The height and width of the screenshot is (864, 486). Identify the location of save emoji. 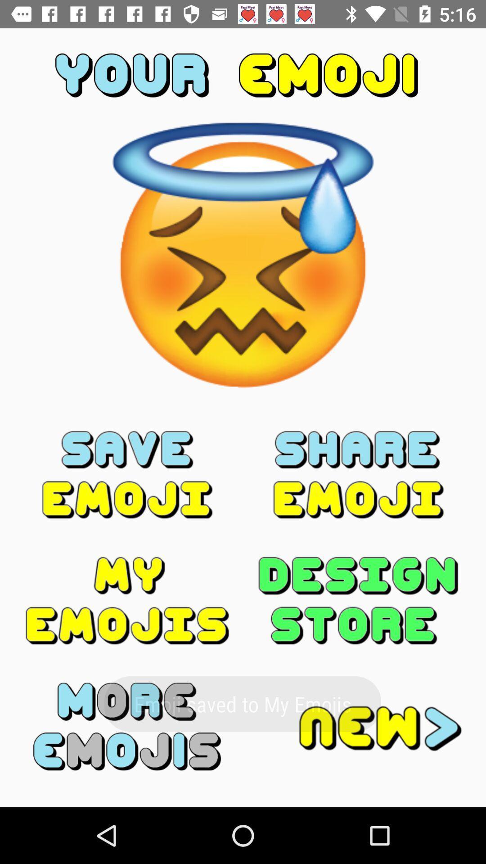
(127, 474).